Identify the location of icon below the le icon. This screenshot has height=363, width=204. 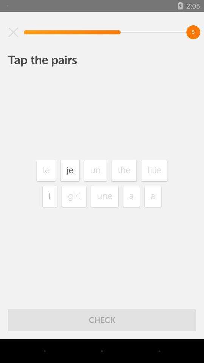
(50, 196).